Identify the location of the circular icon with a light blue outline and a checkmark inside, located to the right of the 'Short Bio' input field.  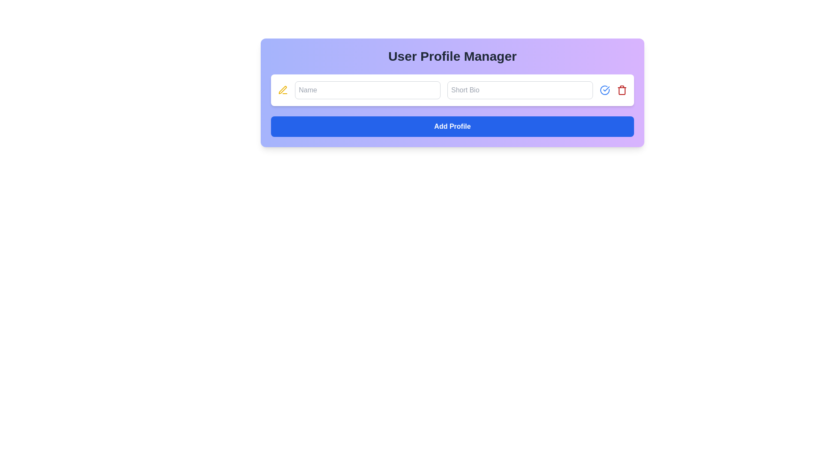
(604, 90).